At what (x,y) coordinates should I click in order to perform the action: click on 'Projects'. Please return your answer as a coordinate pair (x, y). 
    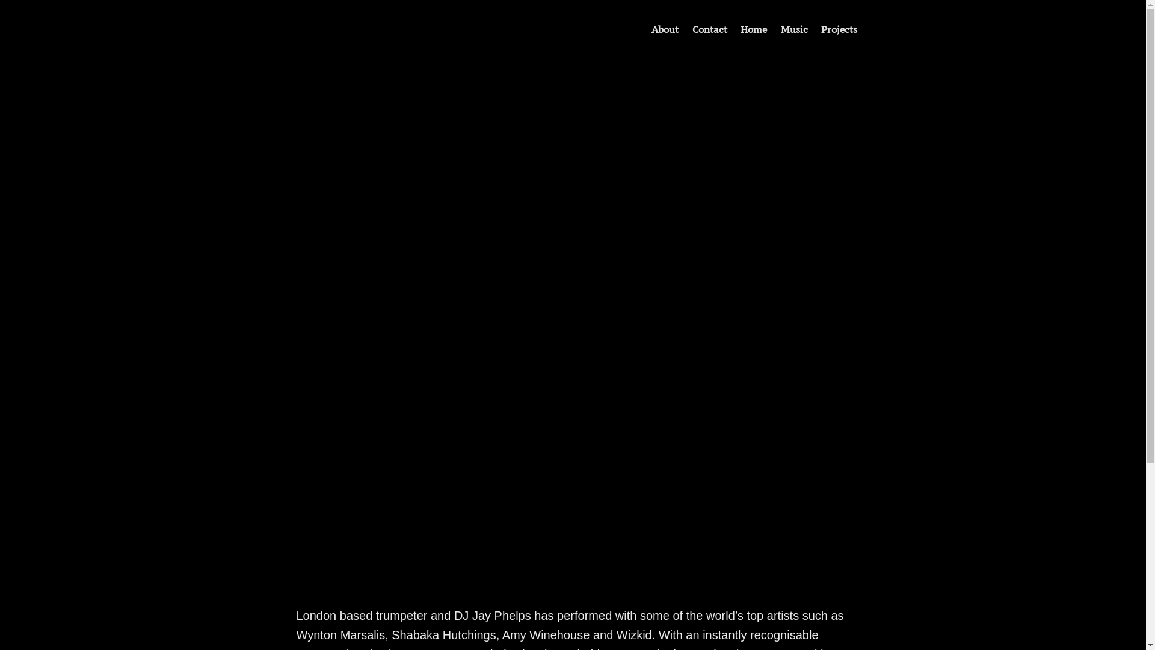
    Looking at the image, I should click on (839, 28).